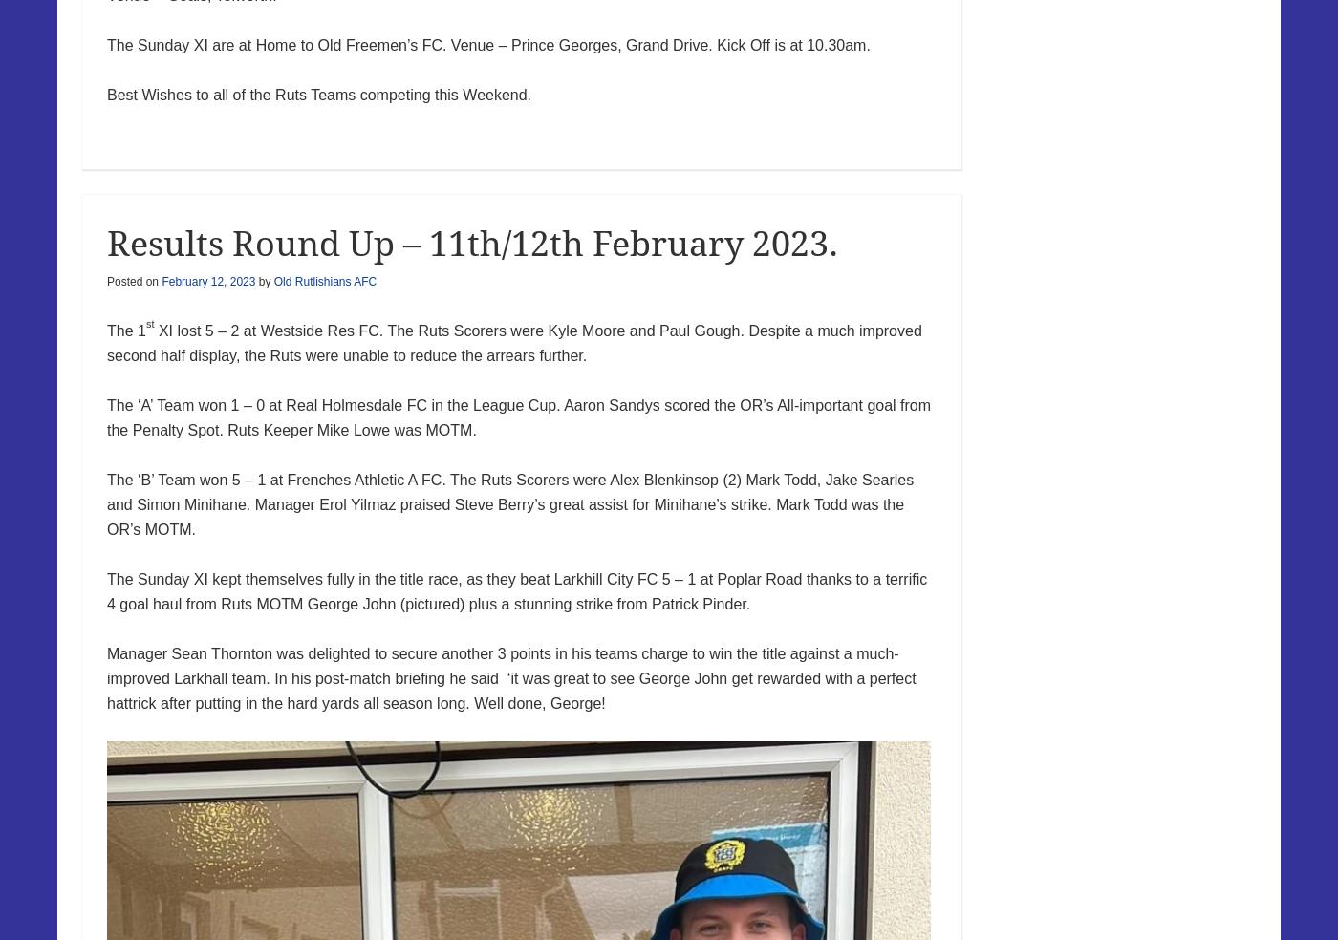 The width and height of the screenshot is (1338, 940). I want to click on 'The Sunday XI are at Home to Old Freemen’s FC. Venue – Prince Georges, Grand Drive. Kick Off is at 10.30am.', so click(488, 43).